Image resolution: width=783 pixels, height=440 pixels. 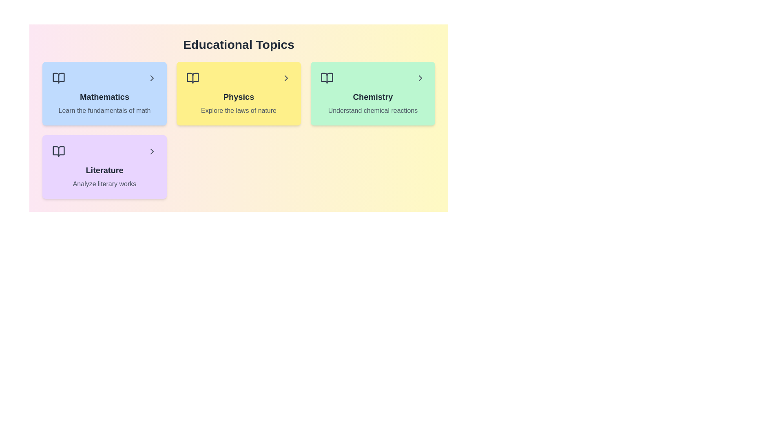 I want to click on the topic card for Literature to preview its interactive effect, so click(x=104, y=166).